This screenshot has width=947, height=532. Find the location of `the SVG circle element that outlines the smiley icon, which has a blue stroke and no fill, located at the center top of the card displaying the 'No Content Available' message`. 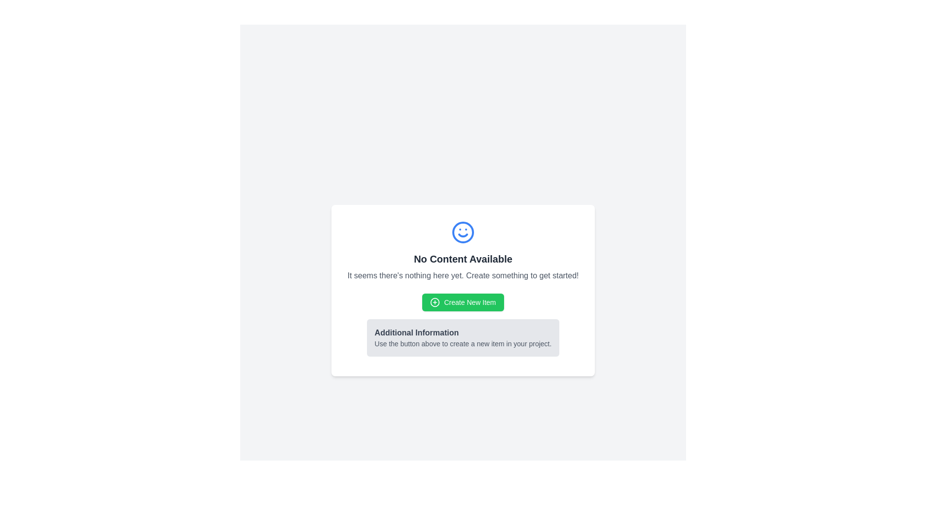

the SVG circle element that outlines the smiley icon, which has a blue stroke and no fill, located at the center top of the card displaying the 'No Content Available' message is located at coordinates (463, 232).